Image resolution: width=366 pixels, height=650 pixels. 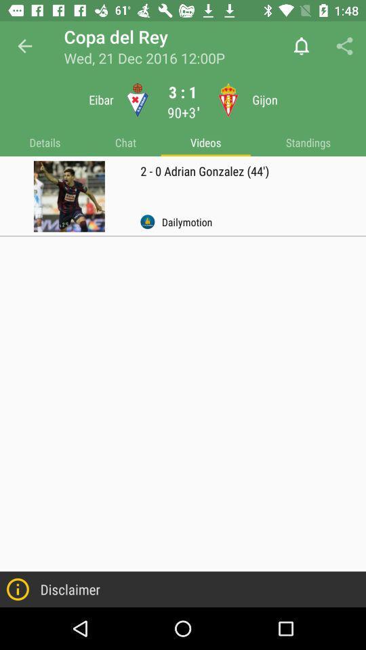 I want to click on left of disclaimer, so click(x=17, y=588).